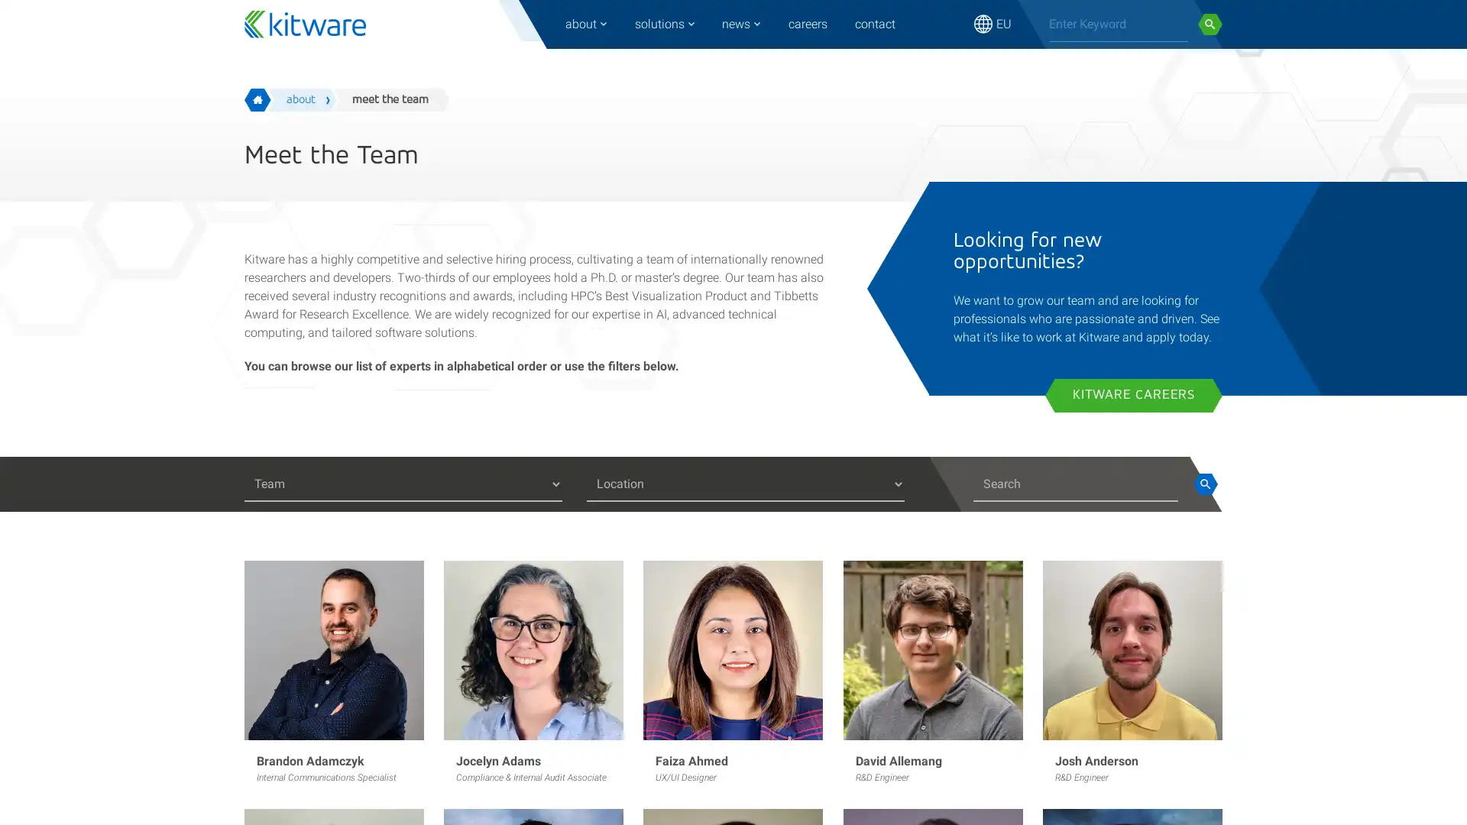 Image resolution: width=1467 pixels, height=825 pixels. I want to click on Search, so click(1204, 484).